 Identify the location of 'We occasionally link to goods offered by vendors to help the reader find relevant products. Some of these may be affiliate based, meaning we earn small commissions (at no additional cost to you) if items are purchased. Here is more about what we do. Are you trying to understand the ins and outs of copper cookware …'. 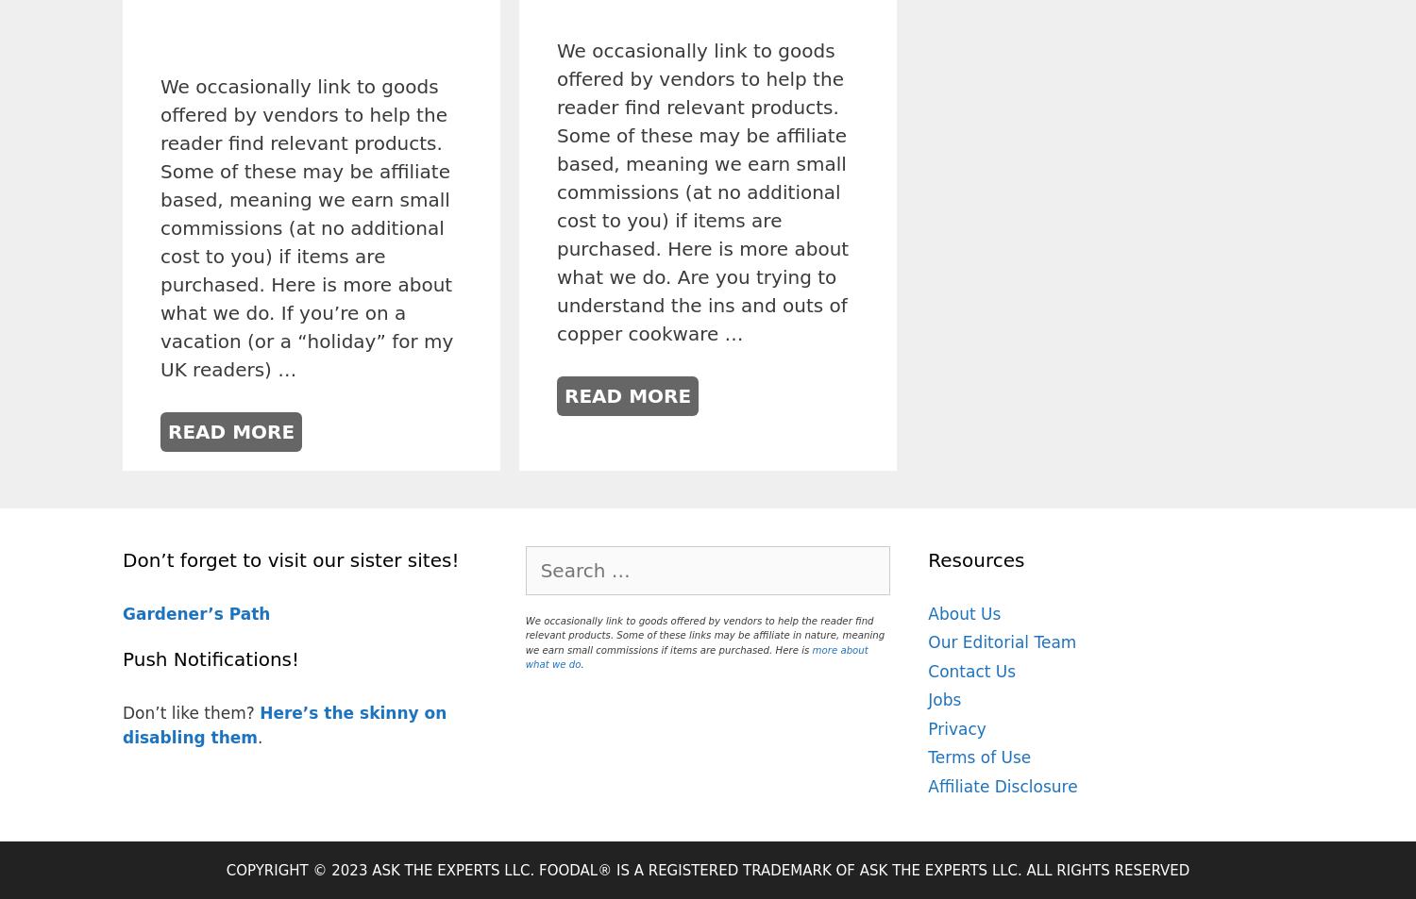
(701, 191).